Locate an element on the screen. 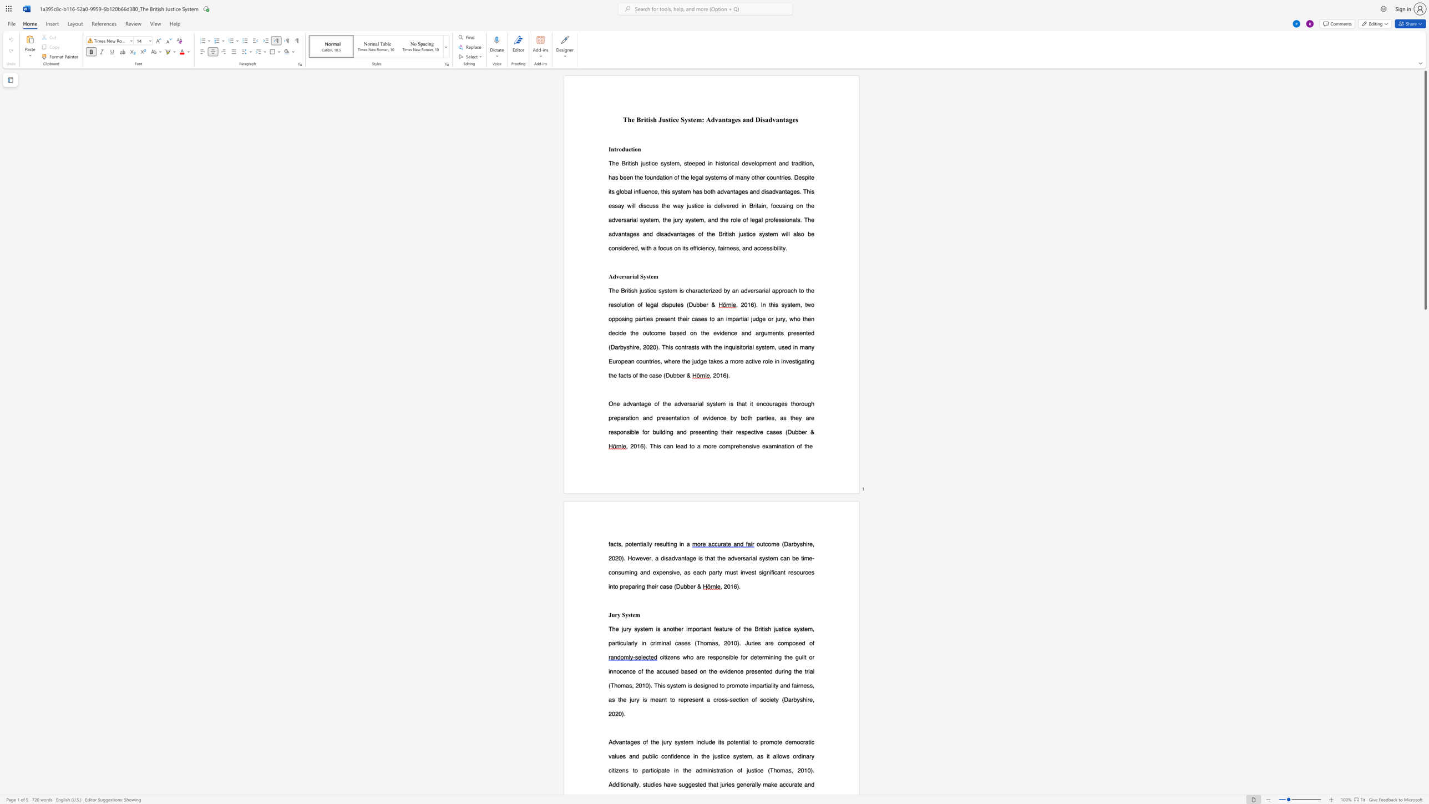 Image resolution: width=1429 pixels, height=804 pixels. the subset text "ning" within the text "determining" is located at coordinates (770, 656).